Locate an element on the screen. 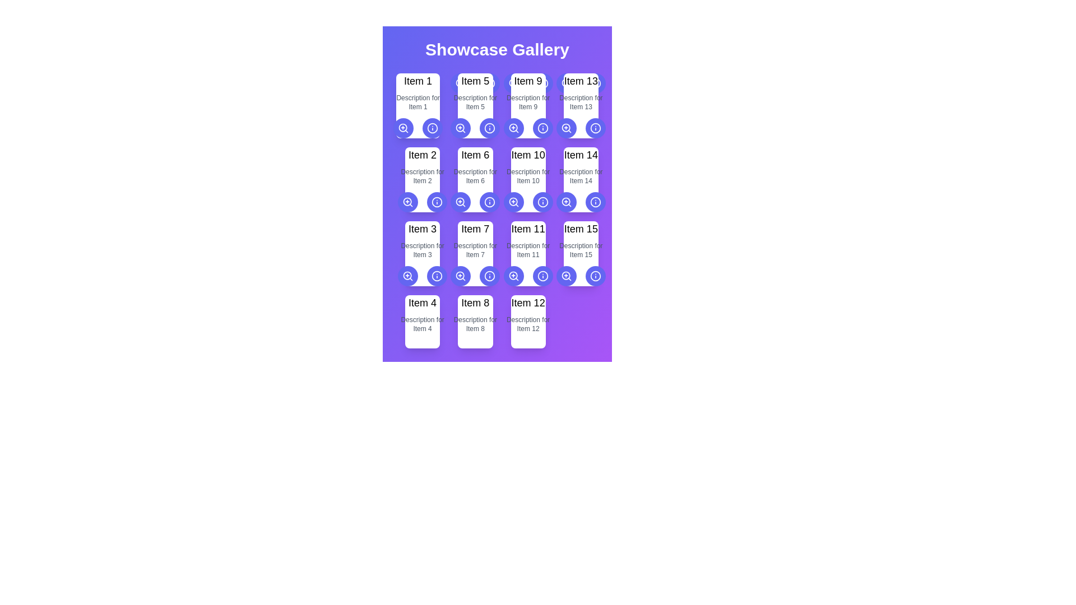 The image size is (1076, 605). the static text label located in the upper-left corner of the grid structure, specifically in the second cell of the first row, to identify the related item is located at coordinates (422, 155).